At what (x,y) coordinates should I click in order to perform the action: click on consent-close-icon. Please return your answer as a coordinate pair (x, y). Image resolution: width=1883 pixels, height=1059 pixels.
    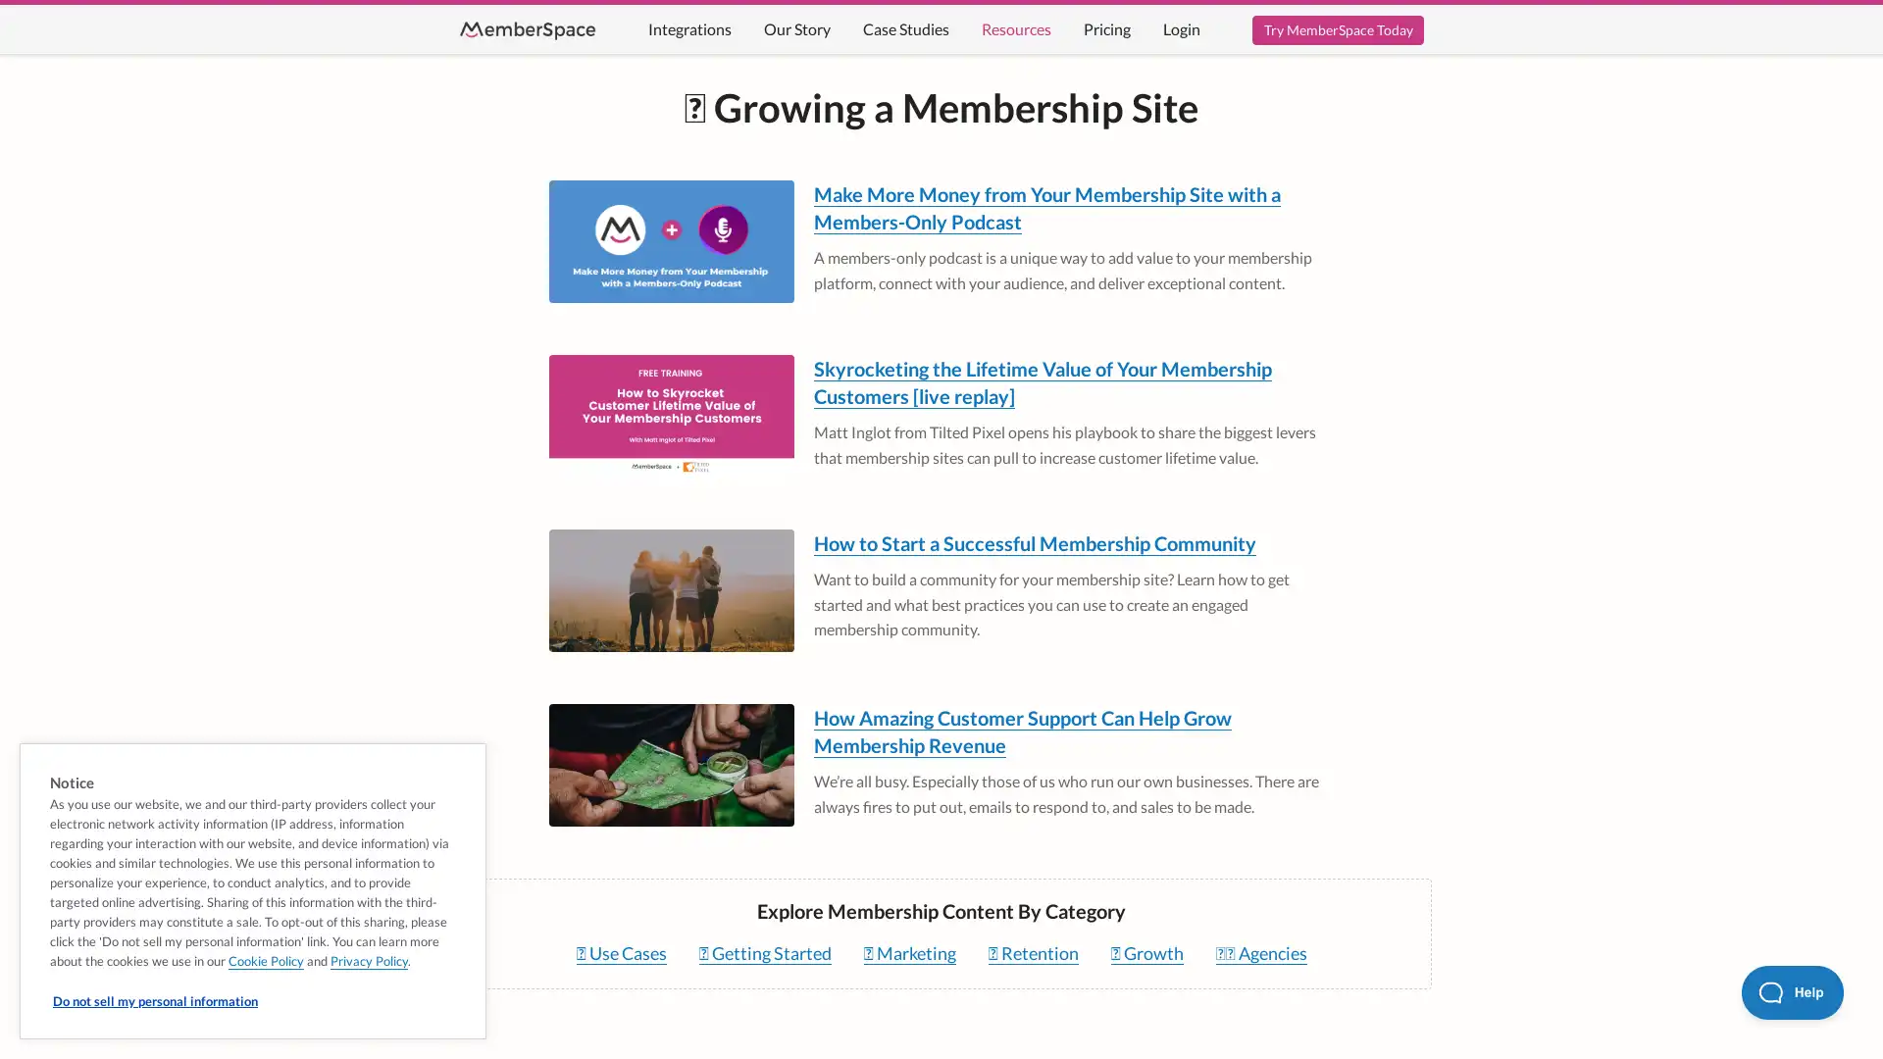
    Looking at the image, I should click on (462, 763).